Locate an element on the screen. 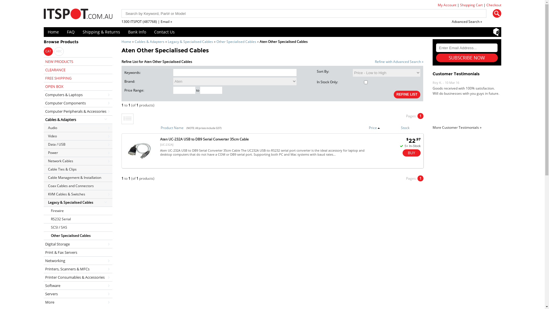 The image size is (549, 309). 'More' is located at coordinates (77, 302).